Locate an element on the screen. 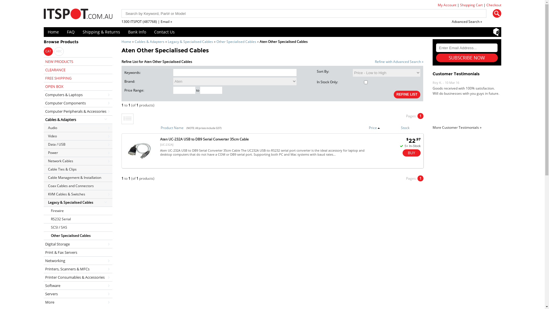 The image size is (549, 309). 'More' is located at coordinates (77, 302).